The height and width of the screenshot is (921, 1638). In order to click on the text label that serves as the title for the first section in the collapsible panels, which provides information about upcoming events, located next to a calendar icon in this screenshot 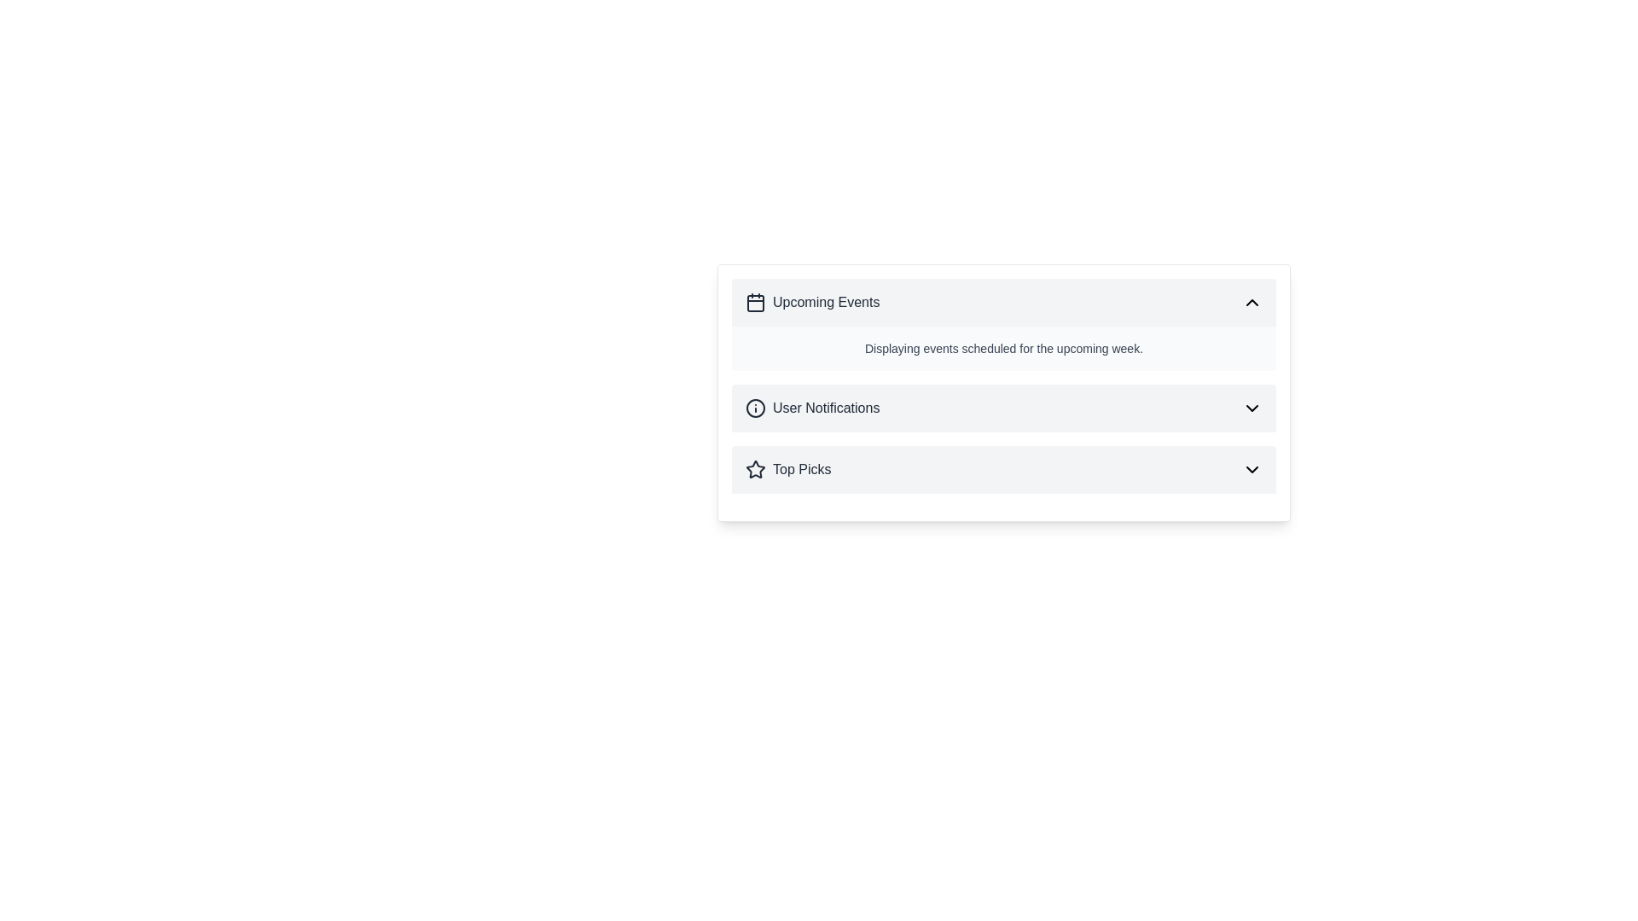, I will do `click(826, 301)`.